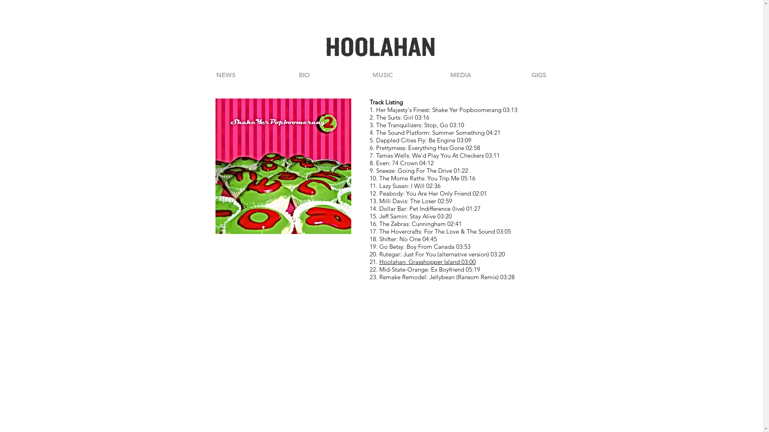  Describe the element at coordinates (225, 75) in the screenshot. I see `'NEWS'` at that location.